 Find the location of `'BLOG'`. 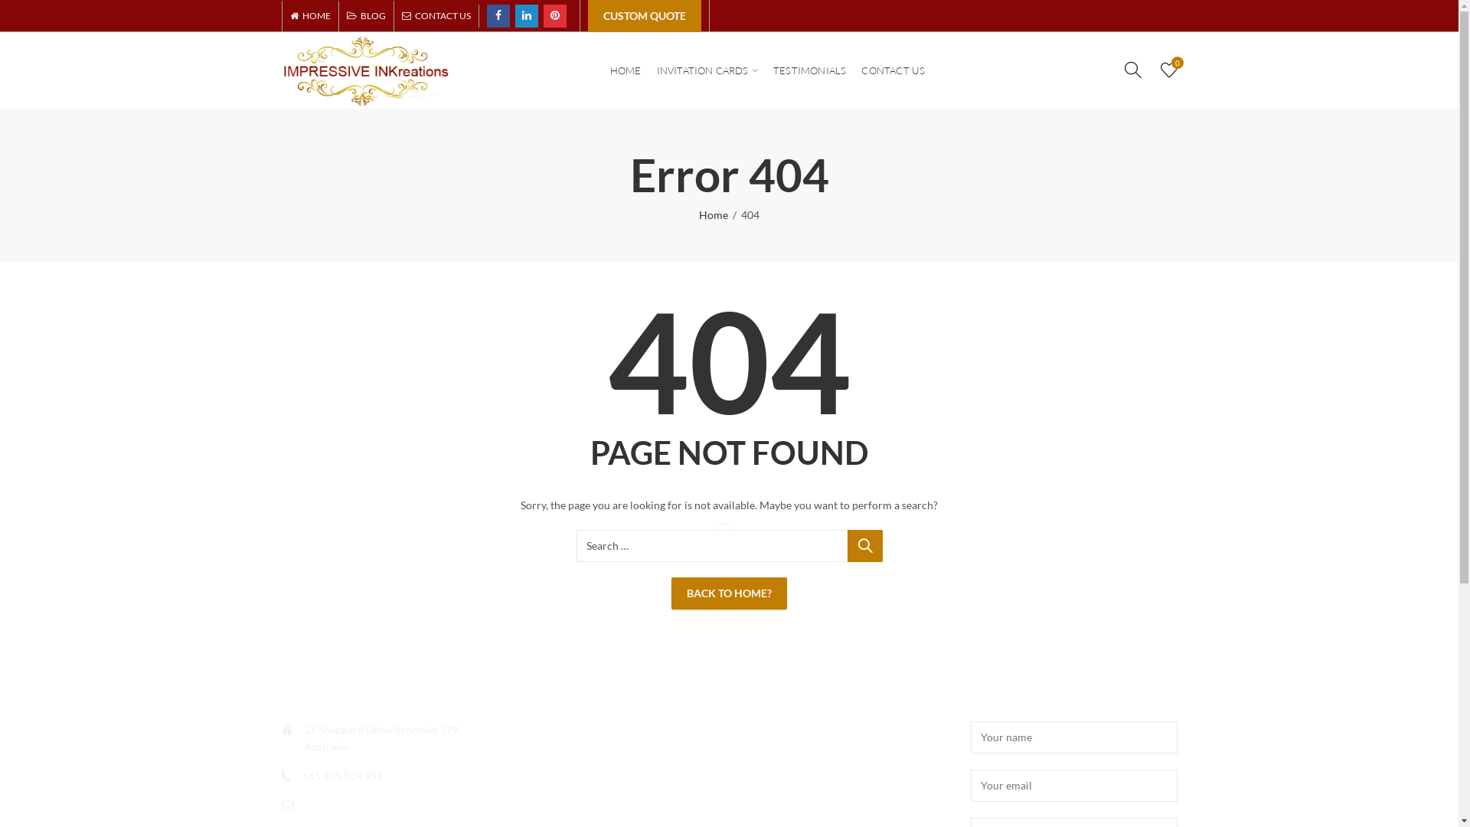

'BLOG' is located at coordinates (364, 15).